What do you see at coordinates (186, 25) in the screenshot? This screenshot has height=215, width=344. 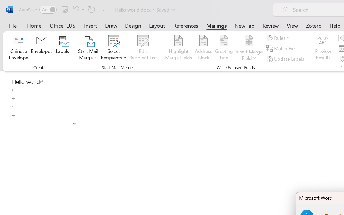 I see `'References'` at bounding box center [186, 25].